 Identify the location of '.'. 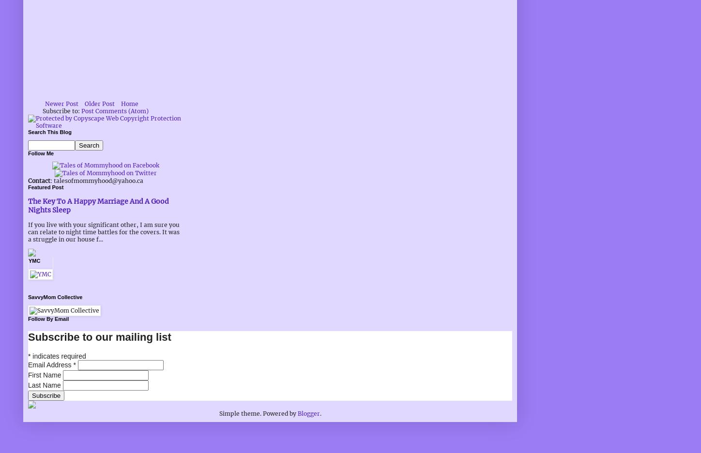
(319, 413).